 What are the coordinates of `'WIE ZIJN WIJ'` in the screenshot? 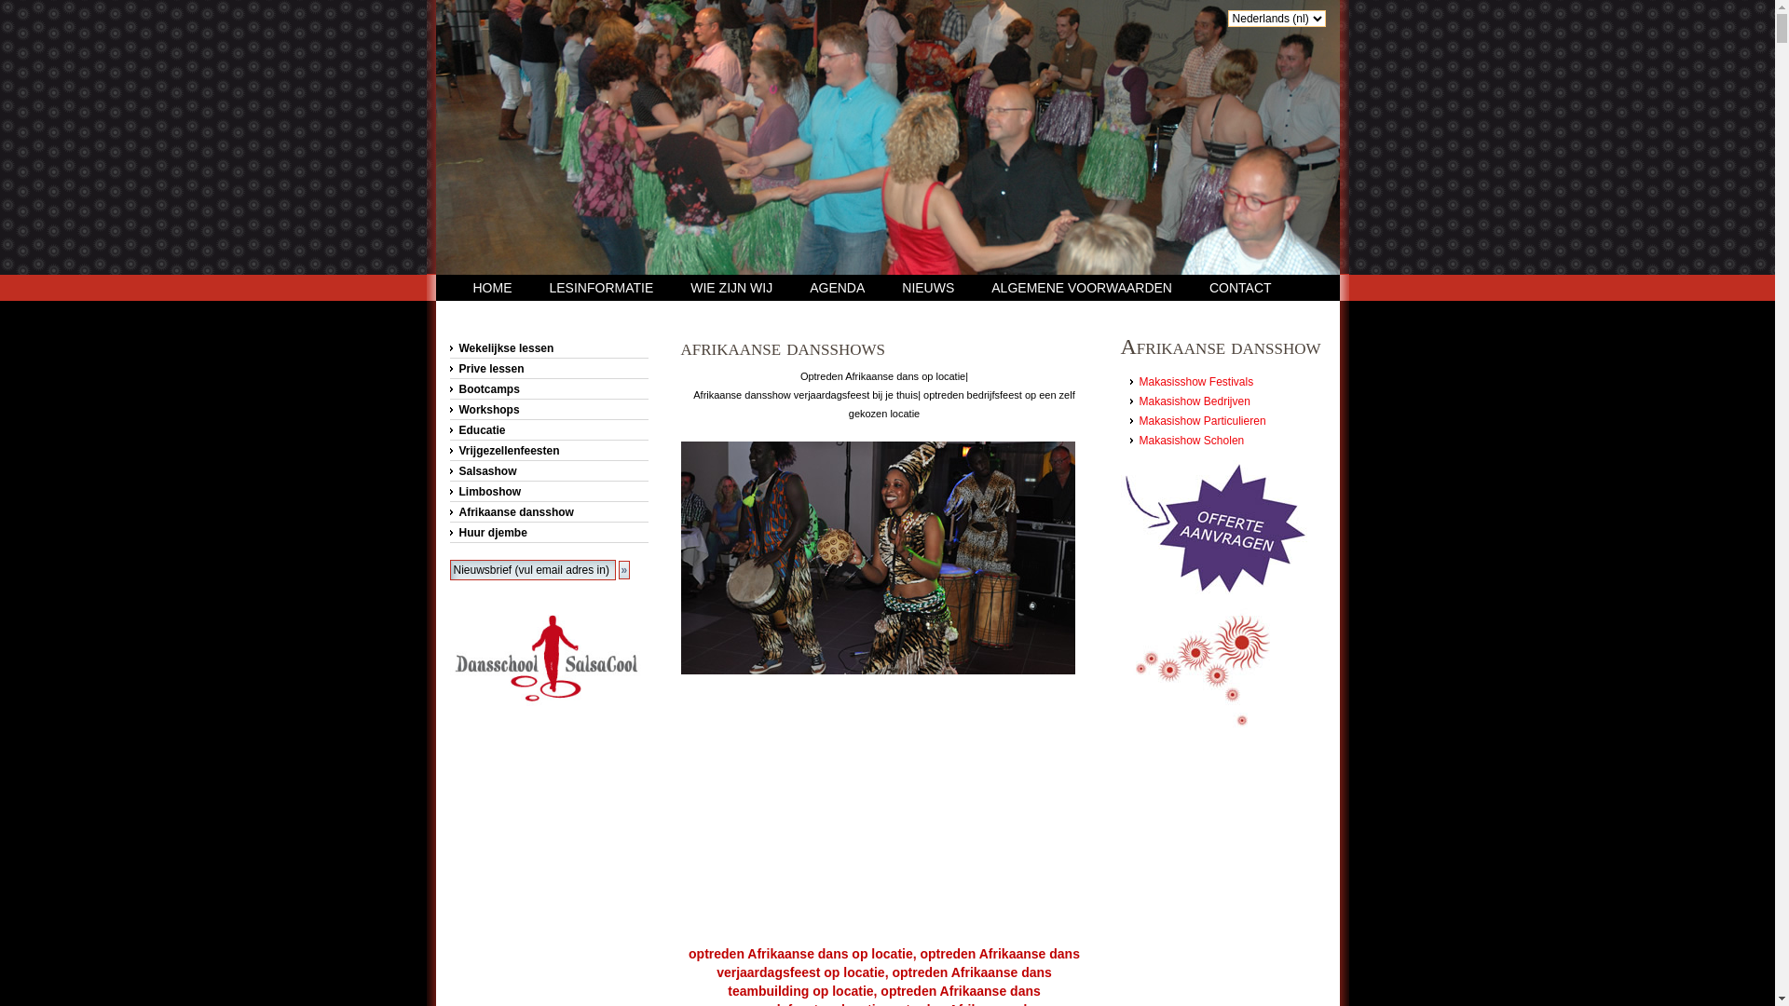 It's located at (689, 287).